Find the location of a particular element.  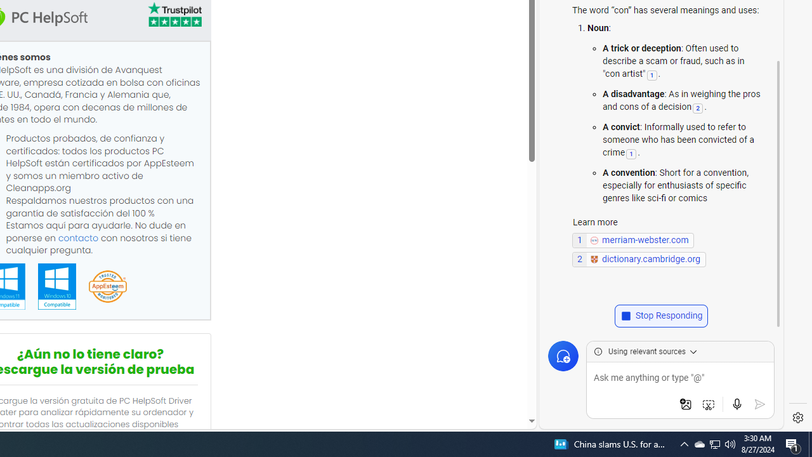

'contacto' is located at coordinates (77, 237).